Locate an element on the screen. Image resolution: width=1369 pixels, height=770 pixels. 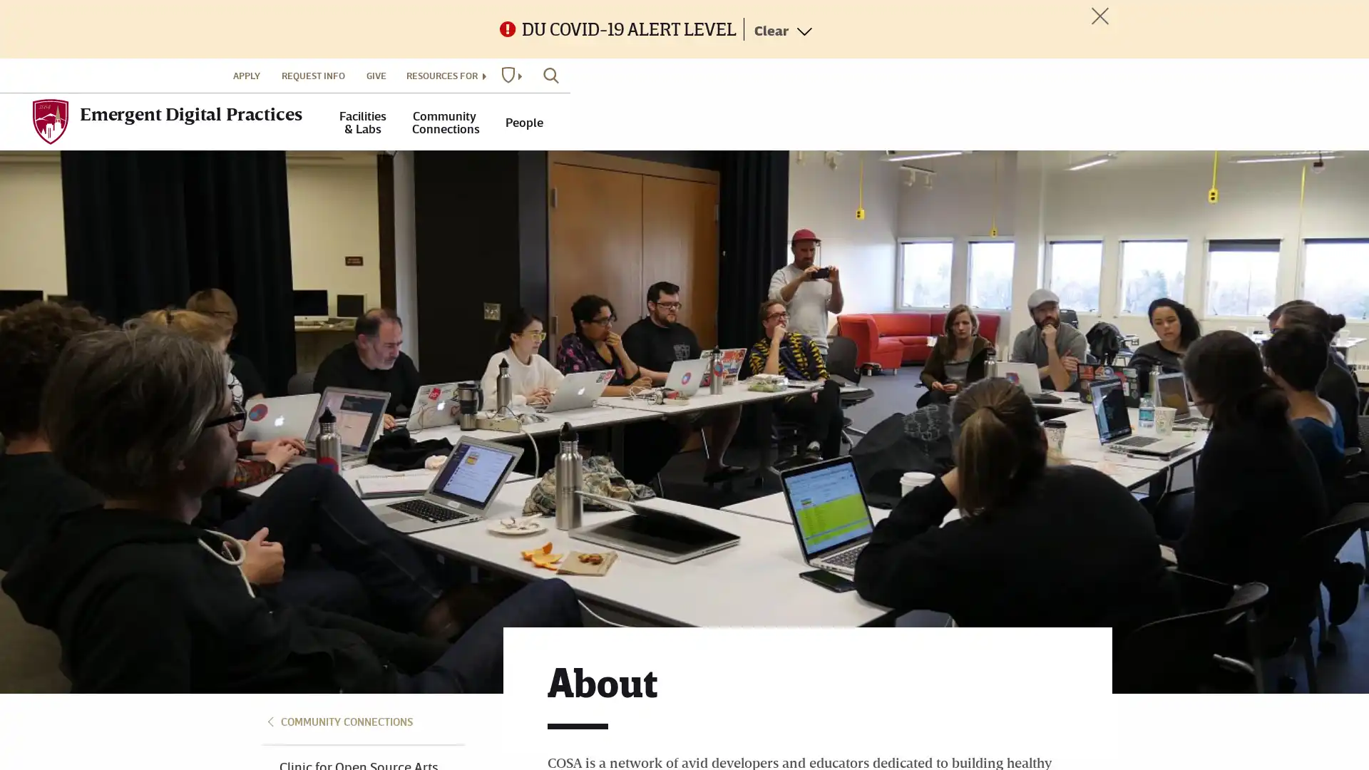
Toggle Alert is located at coordinates (1099, 16).